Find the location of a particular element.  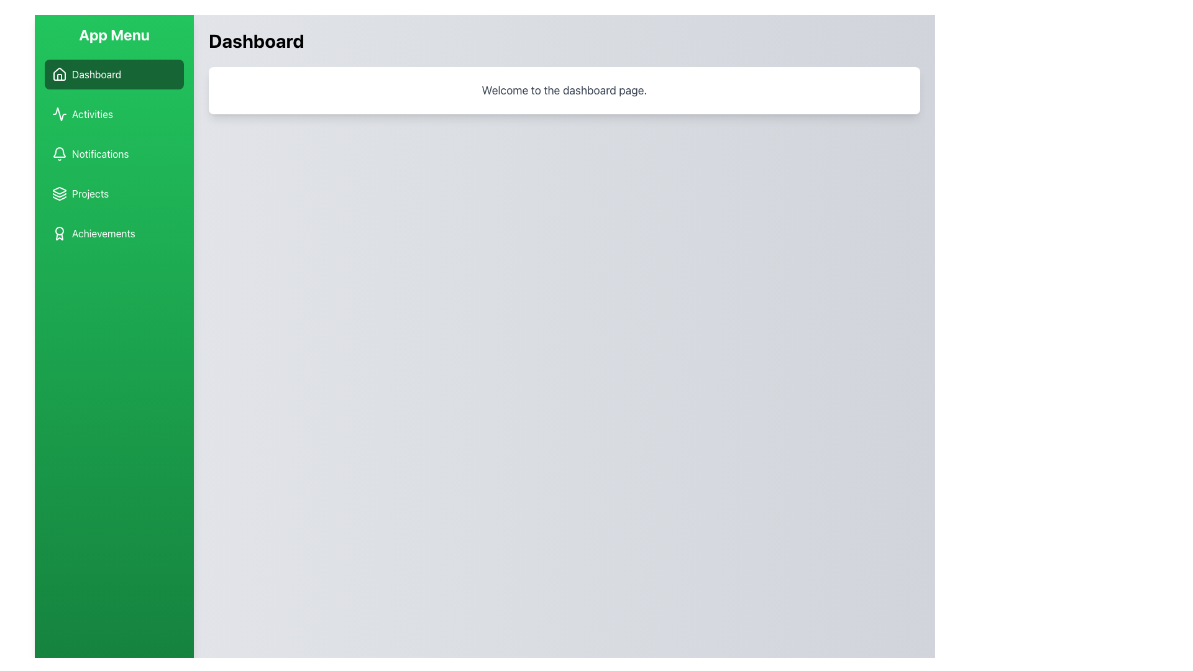

the waveform icon with a green stroke color located to the left of the 'Activities' label in the vertical menu is located at coordinates (59, 114).